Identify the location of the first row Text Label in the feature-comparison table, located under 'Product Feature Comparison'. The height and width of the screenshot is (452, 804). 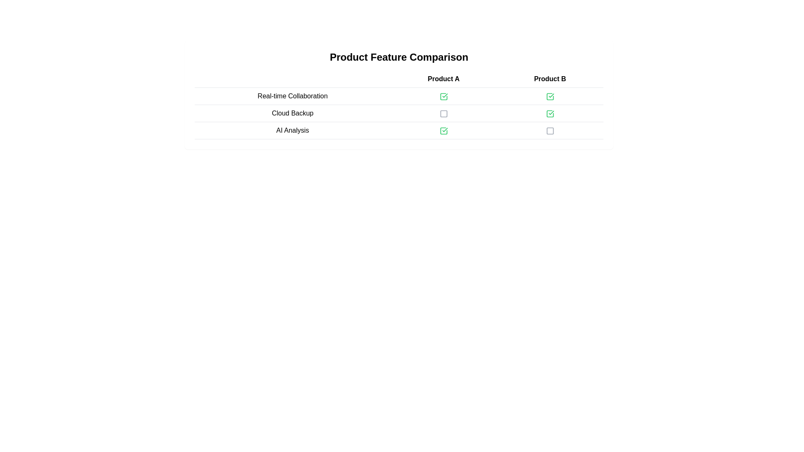
(292, 96).